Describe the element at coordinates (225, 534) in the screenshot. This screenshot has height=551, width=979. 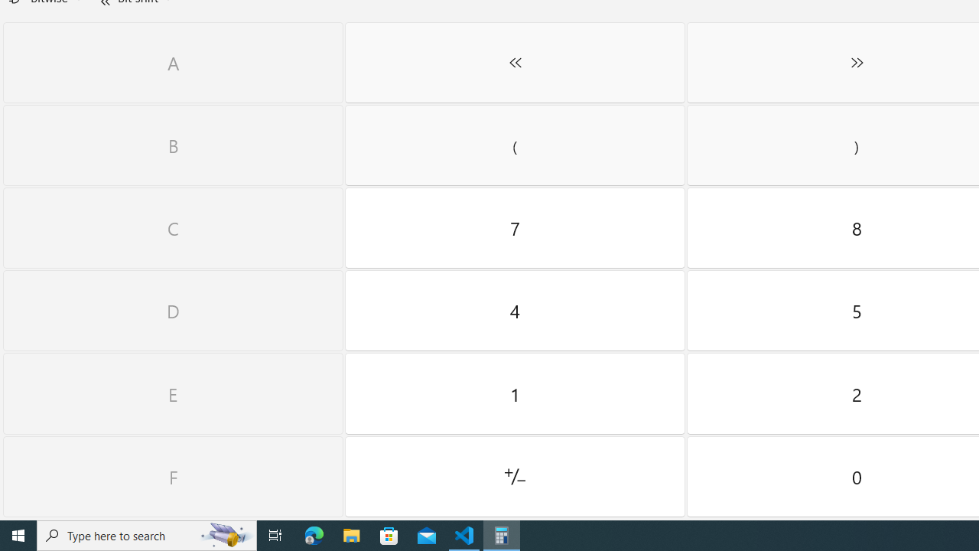
I see `'Search highlights icon opens search home window'` at that location.